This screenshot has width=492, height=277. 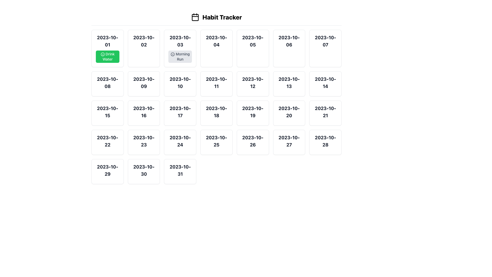 I want to click on the Calendar Date Cell displaying '2023-10-08', so click(x=107, y=84).